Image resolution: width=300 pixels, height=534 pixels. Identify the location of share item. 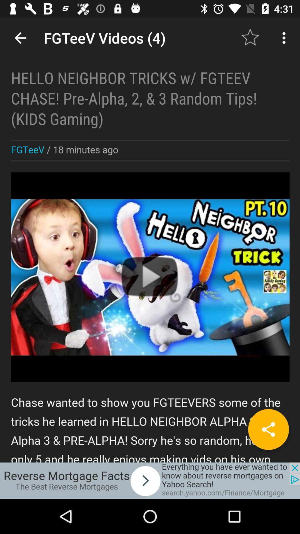
(268, 429).